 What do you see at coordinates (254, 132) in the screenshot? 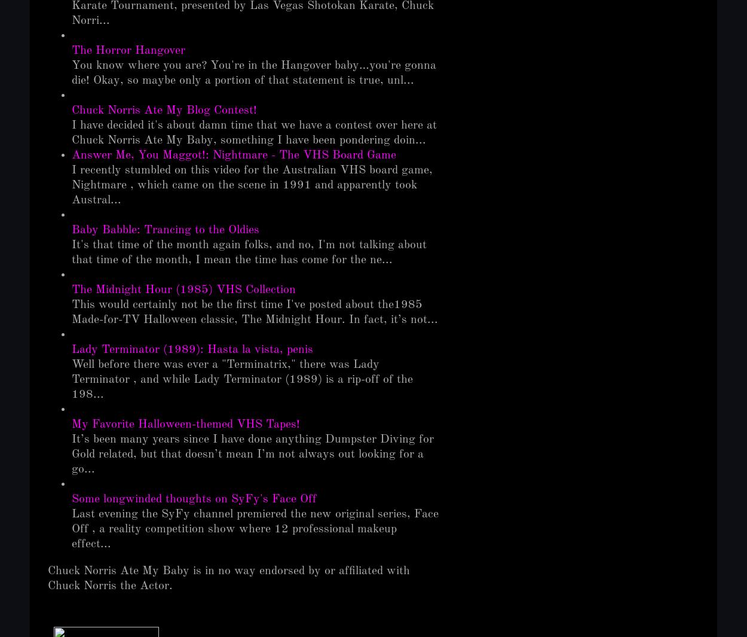
I see `'I have decided it's about damn time that we have a contest over here at Chuck Norris Ate My Baby, something I have been pondering doin...'` at bounding box center [254, 132].